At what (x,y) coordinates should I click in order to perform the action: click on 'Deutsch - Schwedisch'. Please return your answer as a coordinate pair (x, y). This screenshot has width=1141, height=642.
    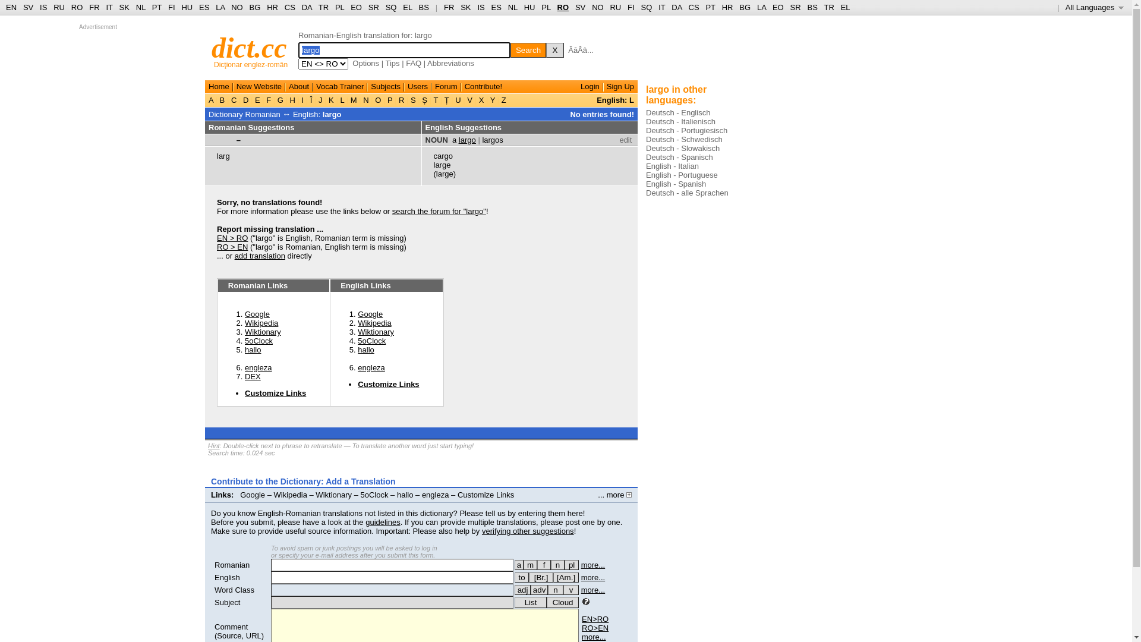
    Looking at the image, I should click on (684, 139).